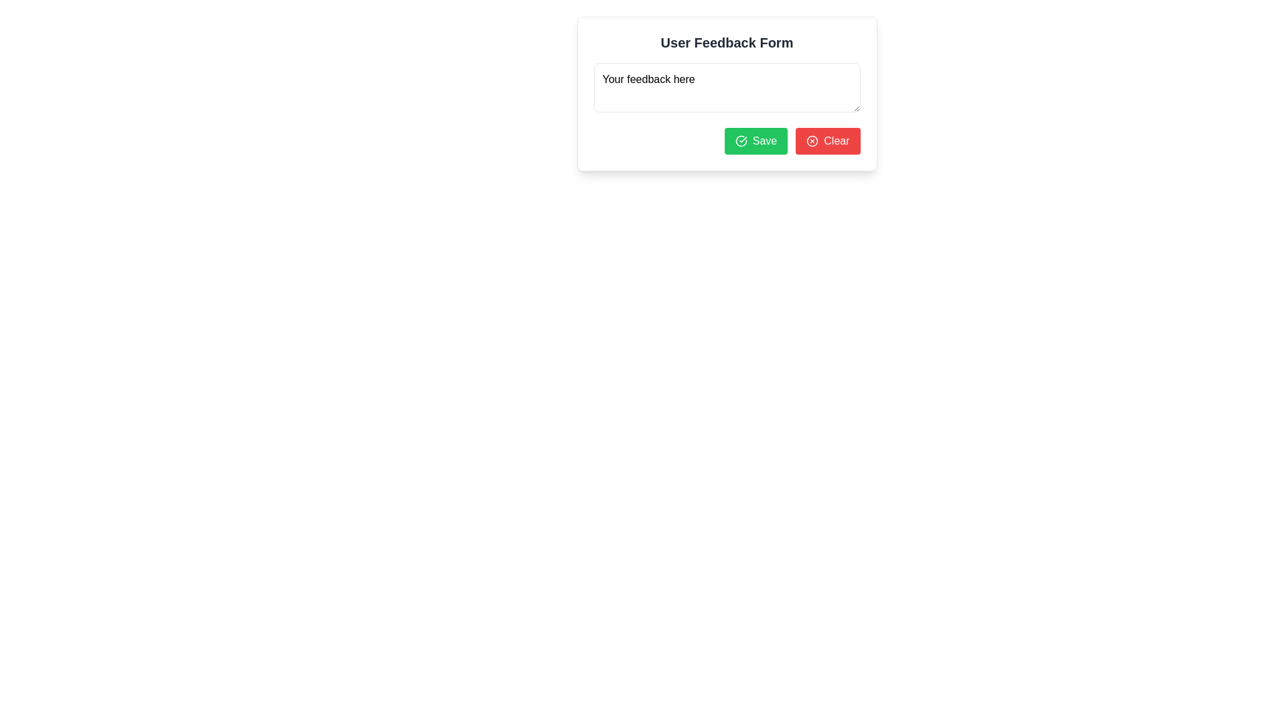 The width and height of the screenshot is (1286, 723). I want to click on the 'Clear' button, which has an icon visually reinforcing its purpose to clear input data, located to the left side of the button text, so click(812, 141).